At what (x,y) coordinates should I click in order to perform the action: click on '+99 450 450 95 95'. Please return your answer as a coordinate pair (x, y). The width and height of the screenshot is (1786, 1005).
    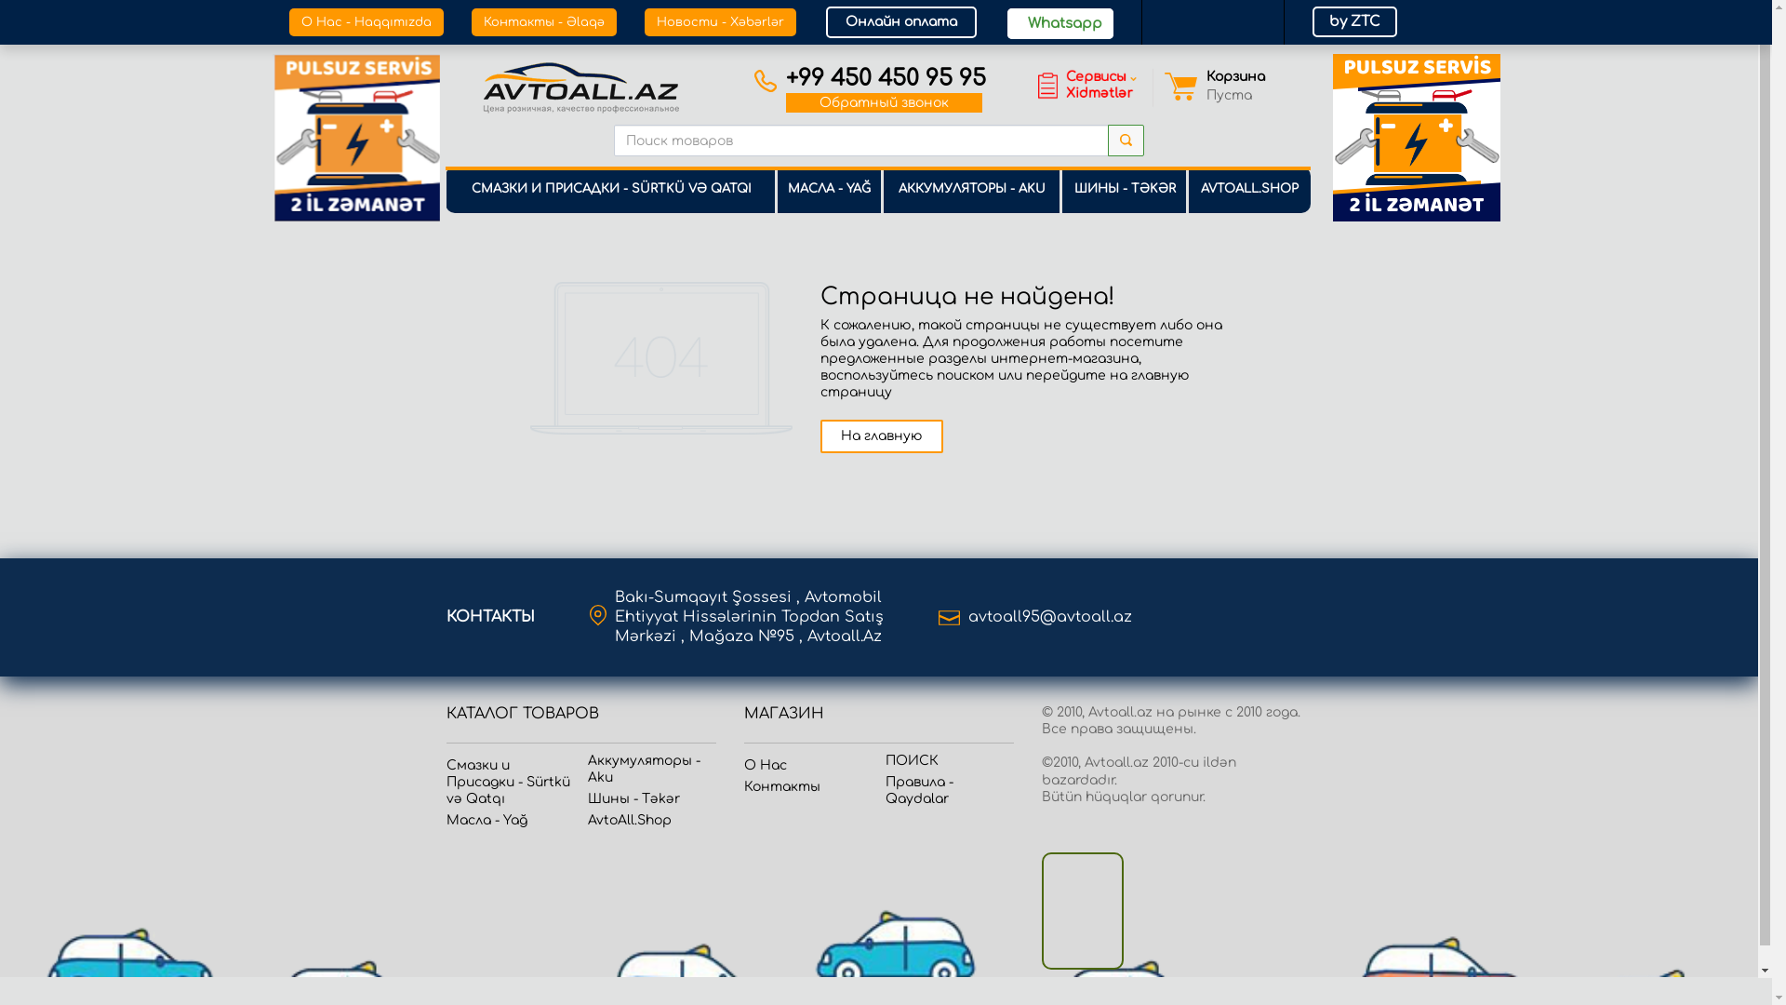
    Looking at the image, I should click on (885, 77).